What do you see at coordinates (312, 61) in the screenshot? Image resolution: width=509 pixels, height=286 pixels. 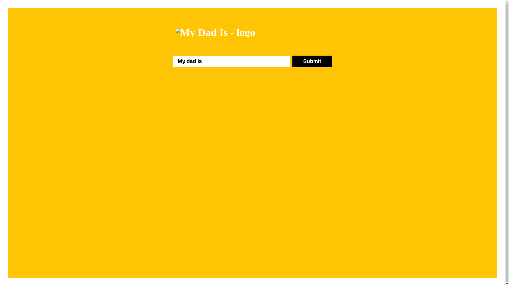 I see `'Submit'` at bounding box center [312, 61].